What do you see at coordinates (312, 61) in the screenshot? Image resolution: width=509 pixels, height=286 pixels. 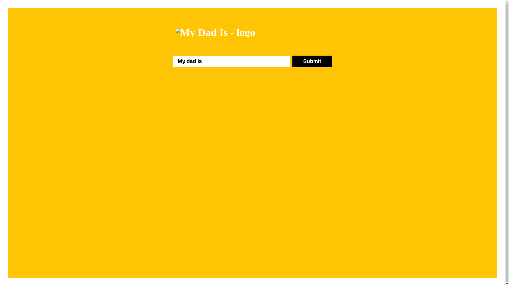 I see `'Submit'` at bounding box center [312, 61].